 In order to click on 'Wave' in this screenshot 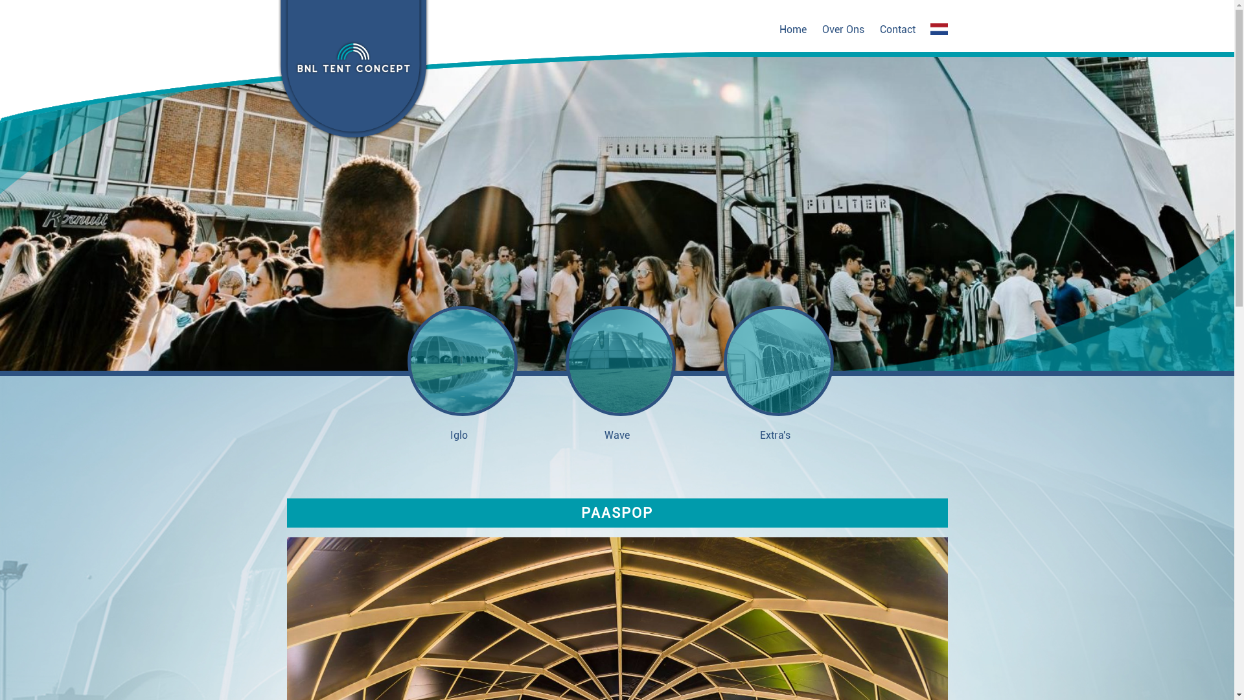, I will do `click(616, 373)`.